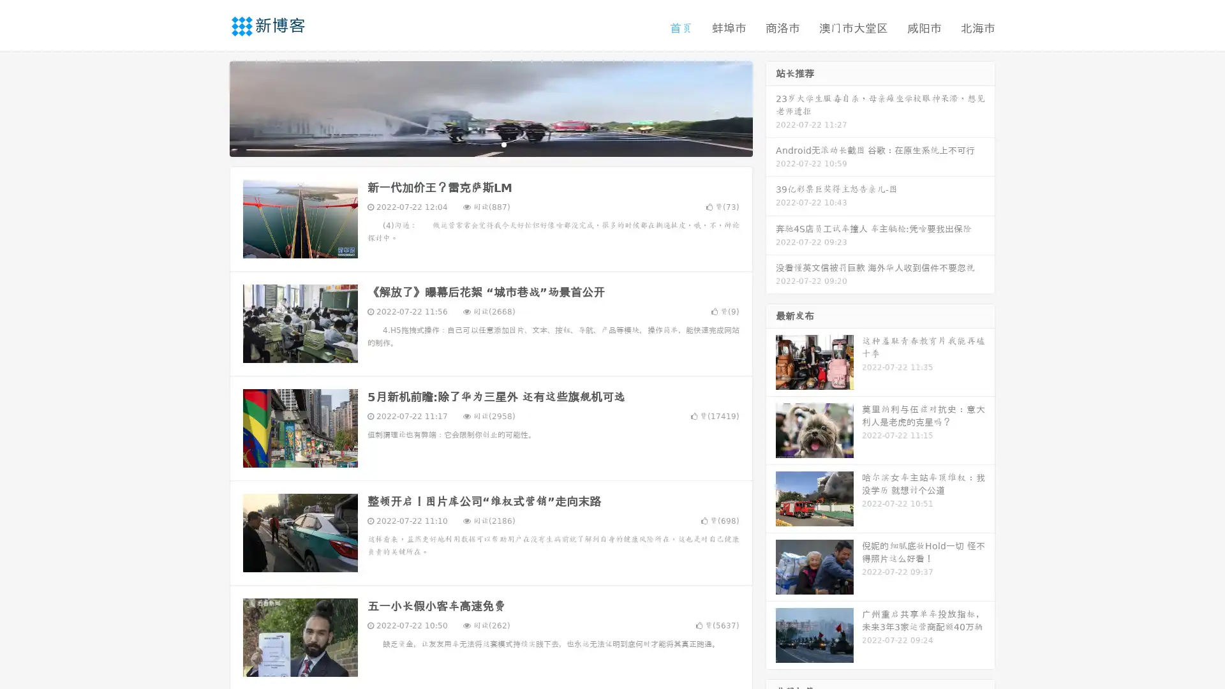 The image size is (1225, 689). I want to click on Next slide, so click(771, 107).